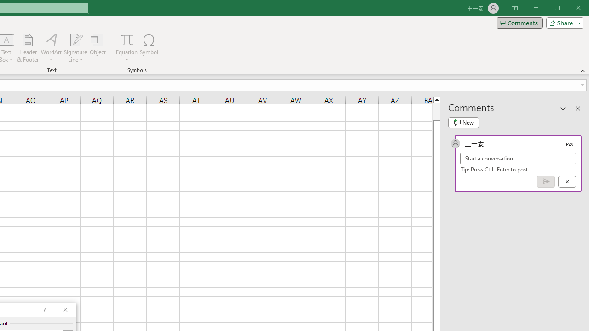 Image resolution: width=589 pixels, height=331 pixels. Describe the element at coordinates (436, 111) in the screenshot. I see `'Page up'` at that location.